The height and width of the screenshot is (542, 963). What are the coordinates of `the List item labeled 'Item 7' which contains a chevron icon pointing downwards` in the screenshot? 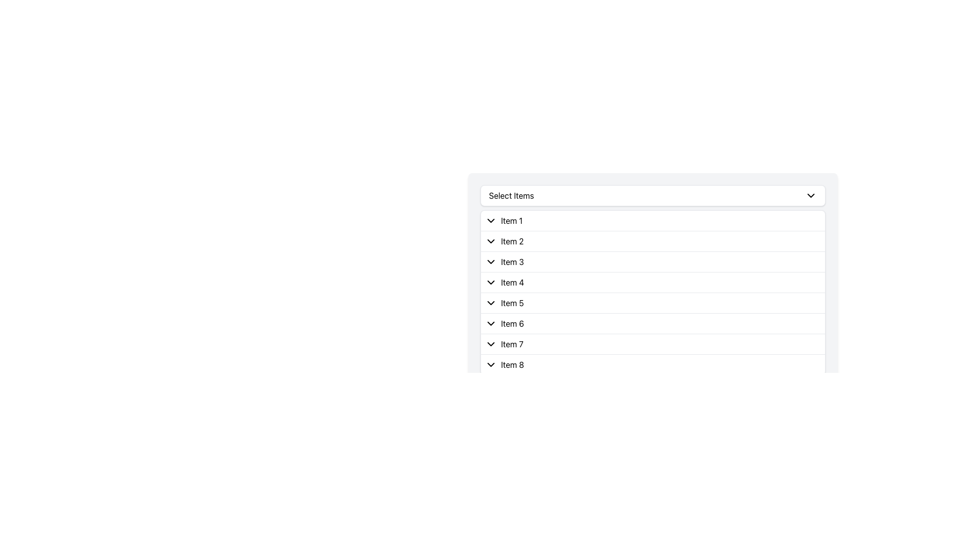 It's located at (504, 344).